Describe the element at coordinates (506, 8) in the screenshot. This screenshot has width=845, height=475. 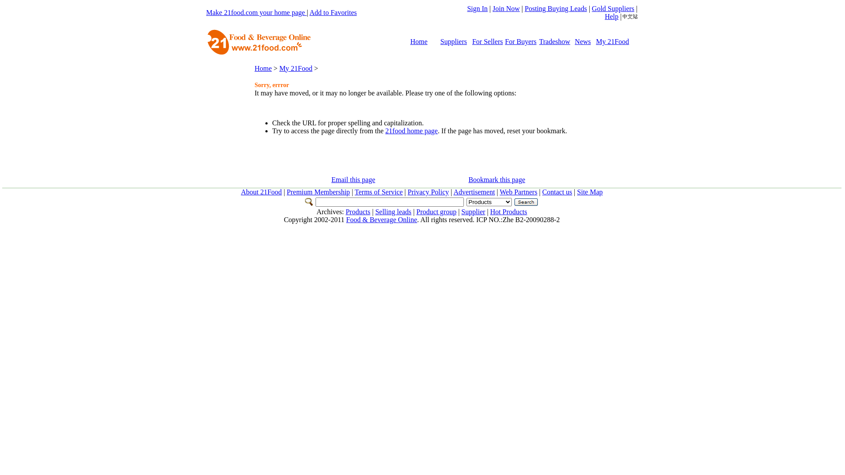
I see `'Join Now'` at that location.